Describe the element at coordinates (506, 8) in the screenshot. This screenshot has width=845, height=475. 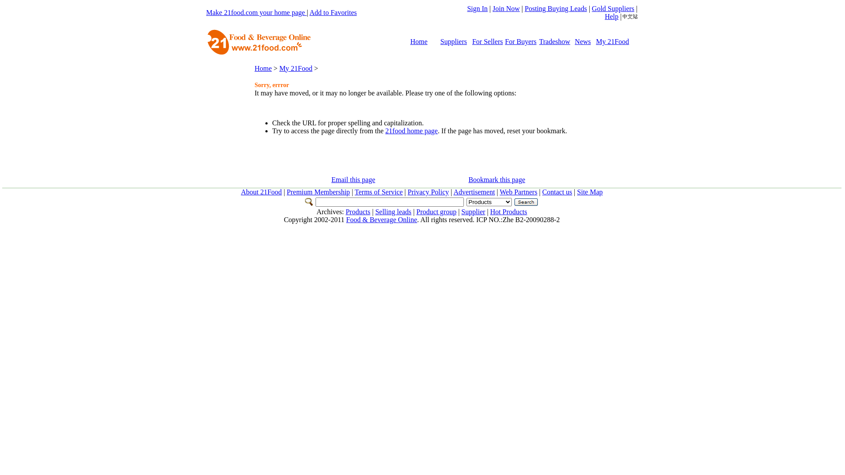
I see `'Join Now'` at that location.